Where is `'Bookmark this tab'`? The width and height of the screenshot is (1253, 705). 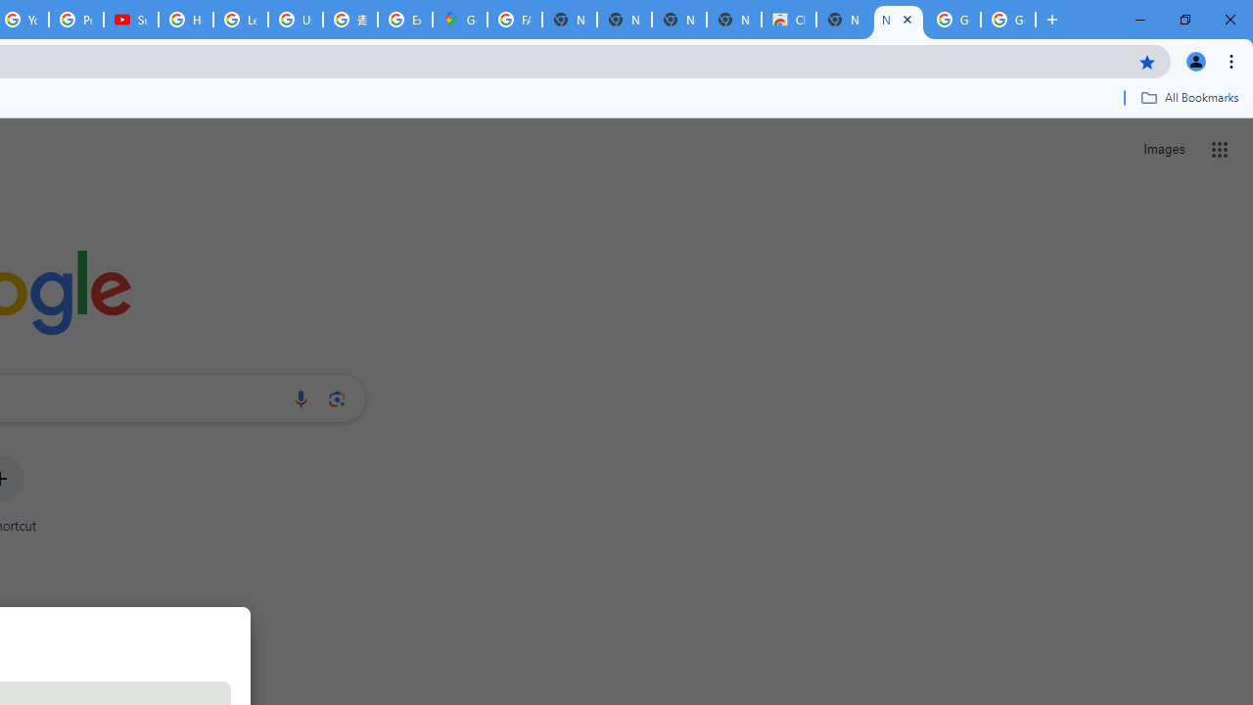
'Bookmark this tab' is located at coordinates (1146, 60).